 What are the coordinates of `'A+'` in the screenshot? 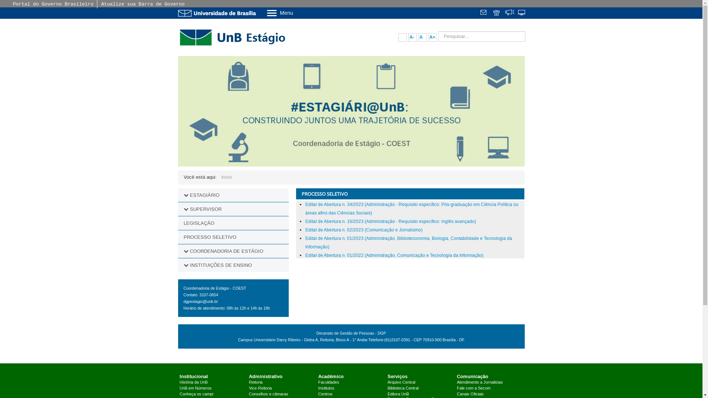 It's located at (428, 37).